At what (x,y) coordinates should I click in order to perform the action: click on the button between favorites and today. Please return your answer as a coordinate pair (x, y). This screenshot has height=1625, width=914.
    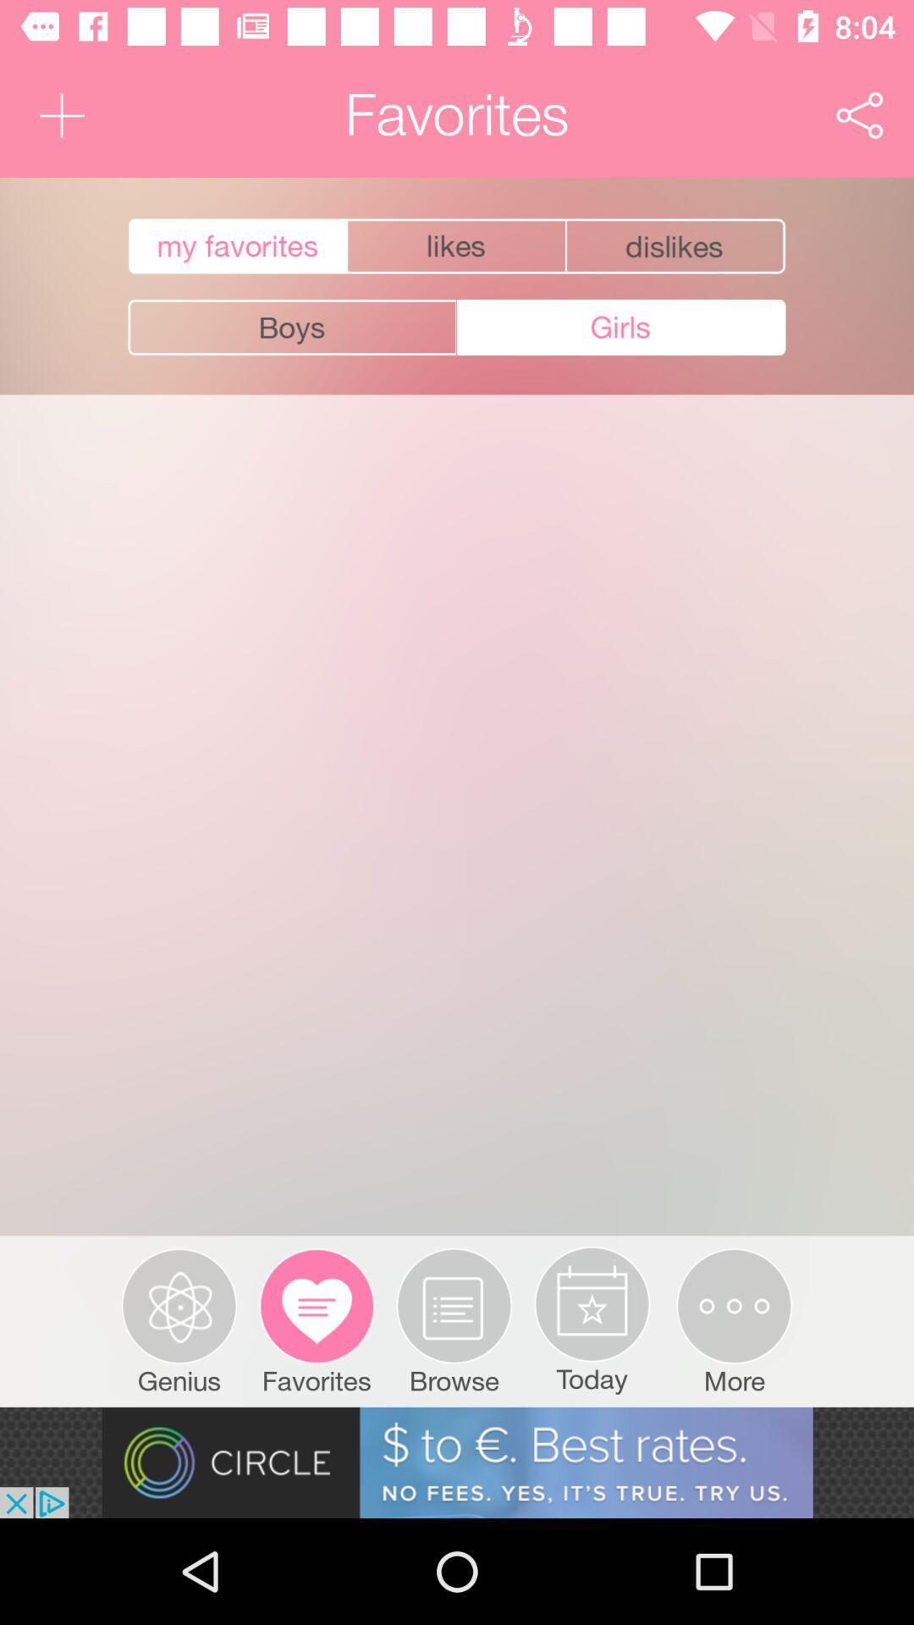
    Looking at the image, I should click on (454, 1320).